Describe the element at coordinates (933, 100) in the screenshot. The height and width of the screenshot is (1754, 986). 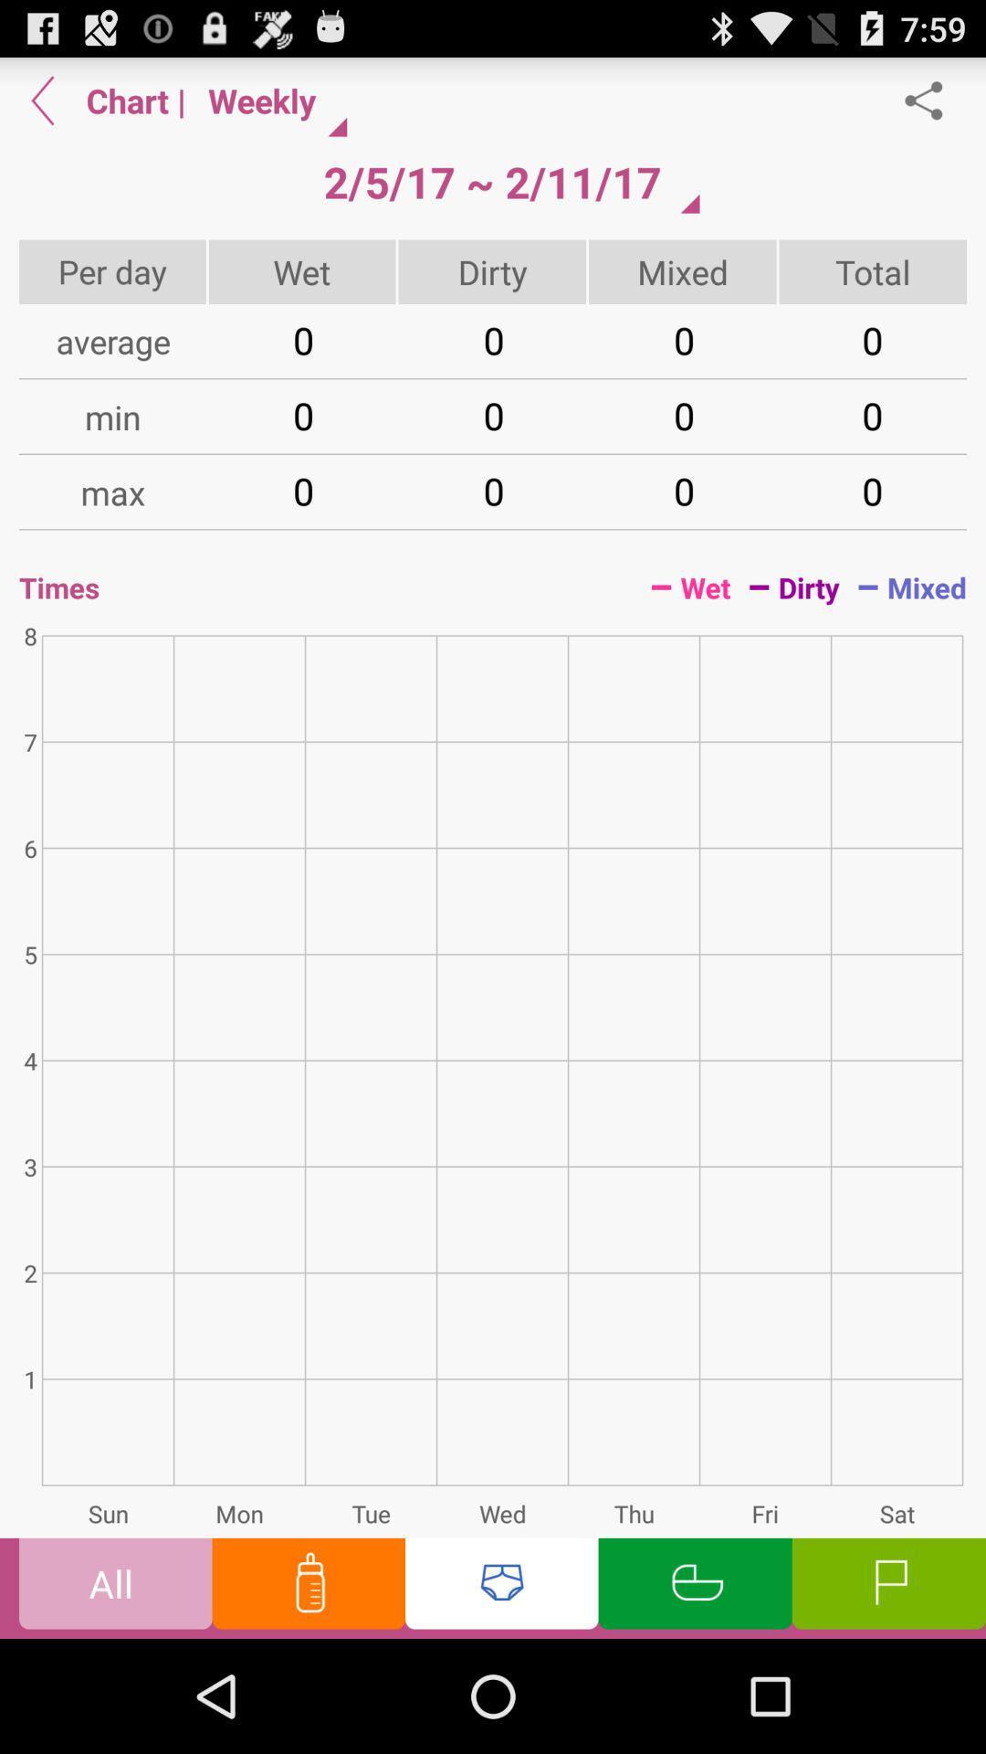
I see `click share option` at that location.